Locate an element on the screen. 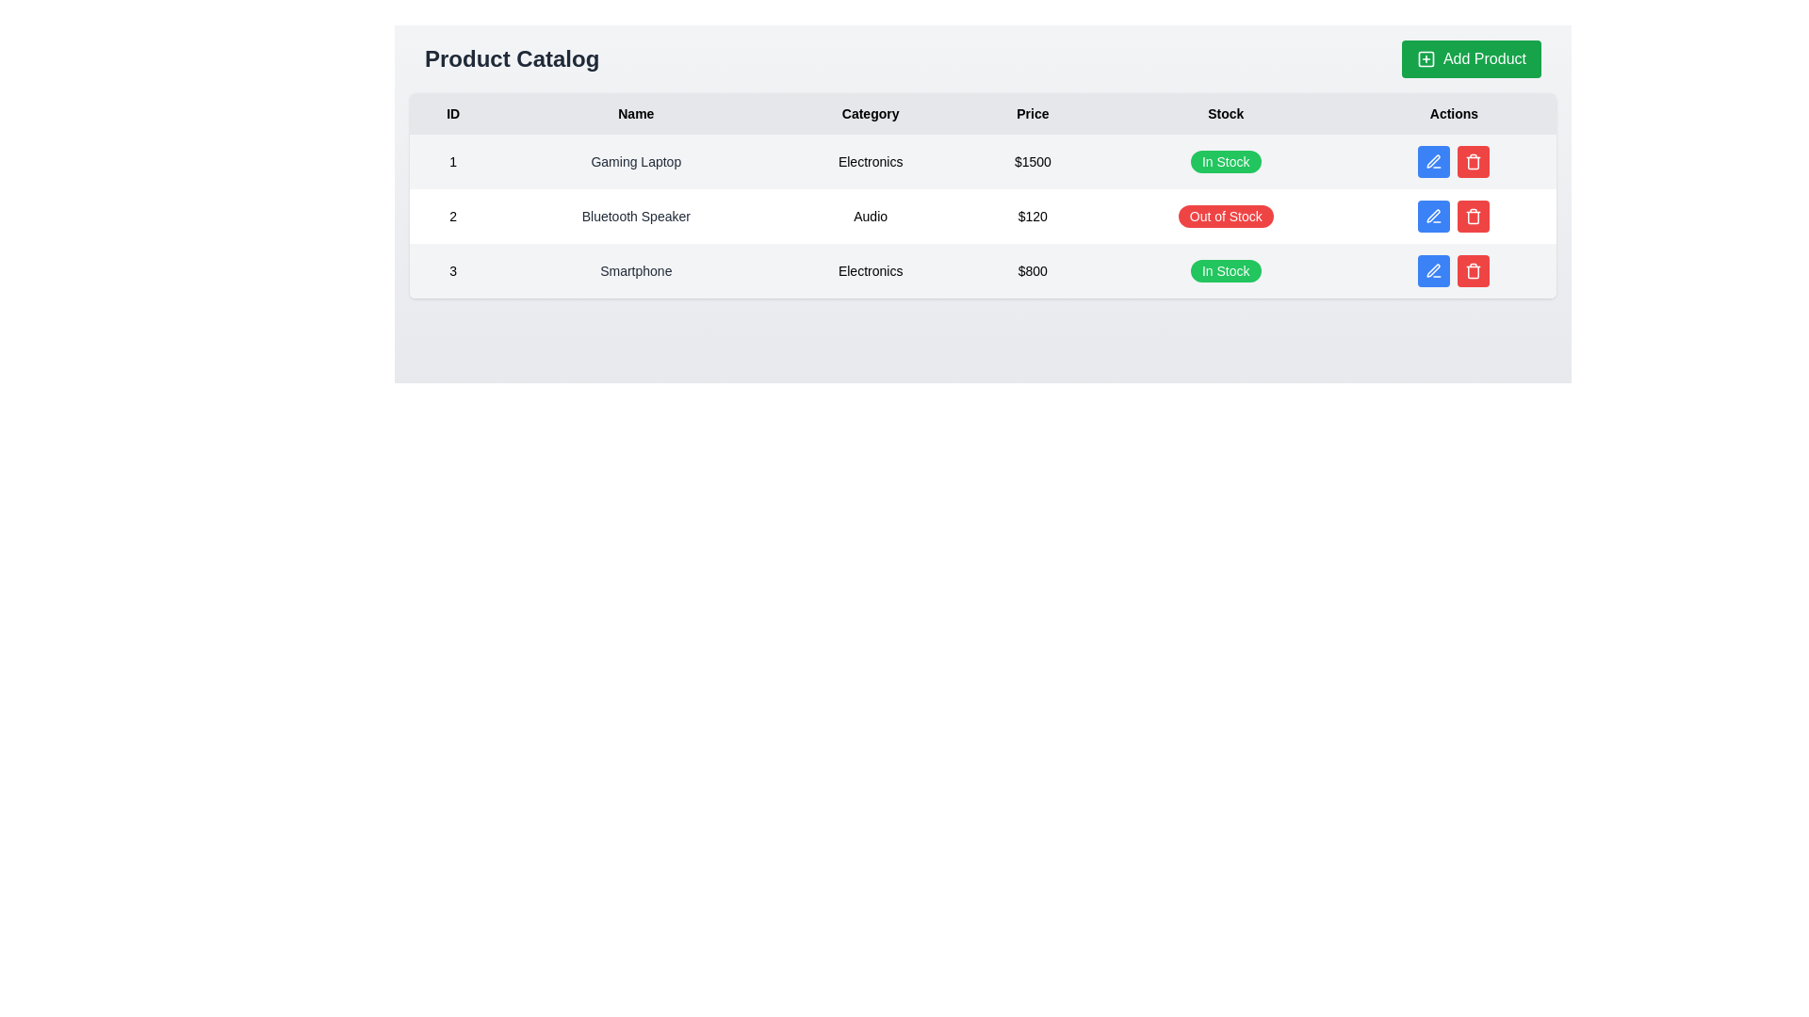  the 'Category' text header in the table, which is the third column header, centrally aligned and surrounded by a light gray background is located at coordinates (870, 113).